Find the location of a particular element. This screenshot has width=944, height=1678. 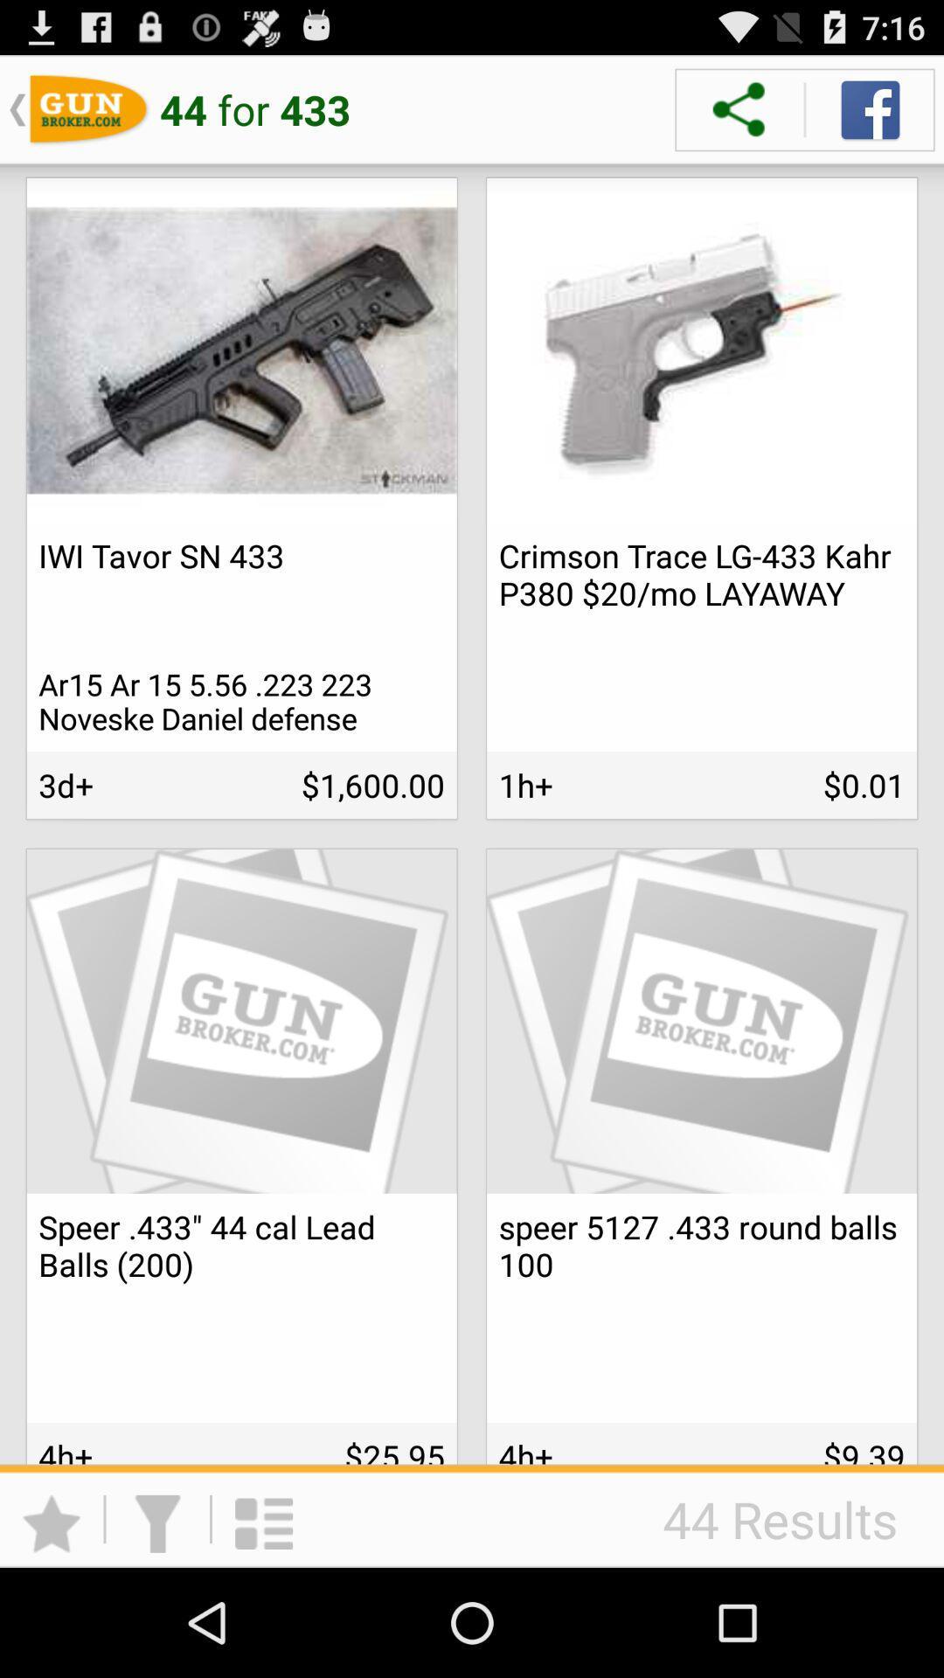

the sliders icon is located at coordinates (241, 1651).